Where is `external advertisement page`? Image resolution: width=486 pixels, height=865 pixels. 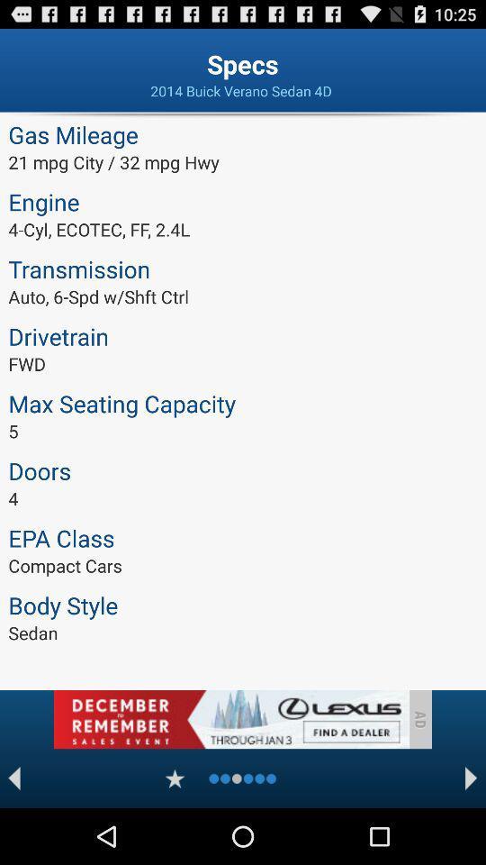 external advertisement page is located at coordinates (230, 719).